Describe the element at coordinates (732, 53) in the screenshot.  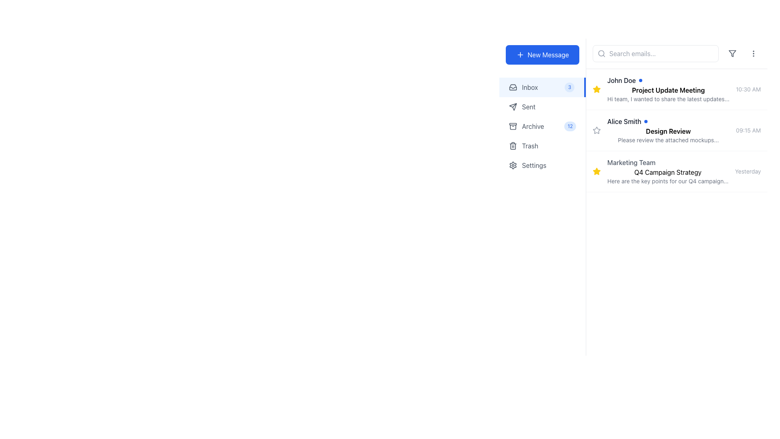
I see `the funnel icon button located in the top-right corner of the horizontal bar, adjacent to the three vertical dots icon` at that location.